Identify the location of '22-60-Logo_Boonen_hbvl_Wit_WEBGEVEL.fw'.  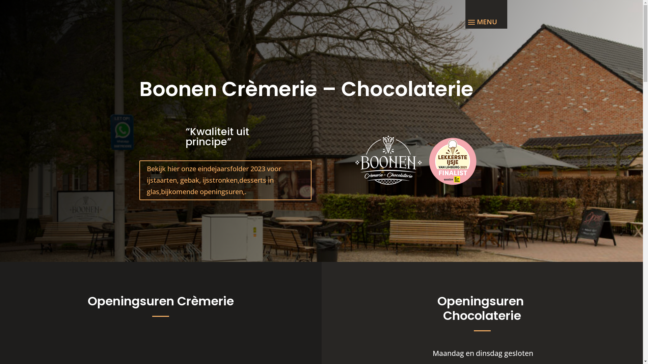
(417, 161).